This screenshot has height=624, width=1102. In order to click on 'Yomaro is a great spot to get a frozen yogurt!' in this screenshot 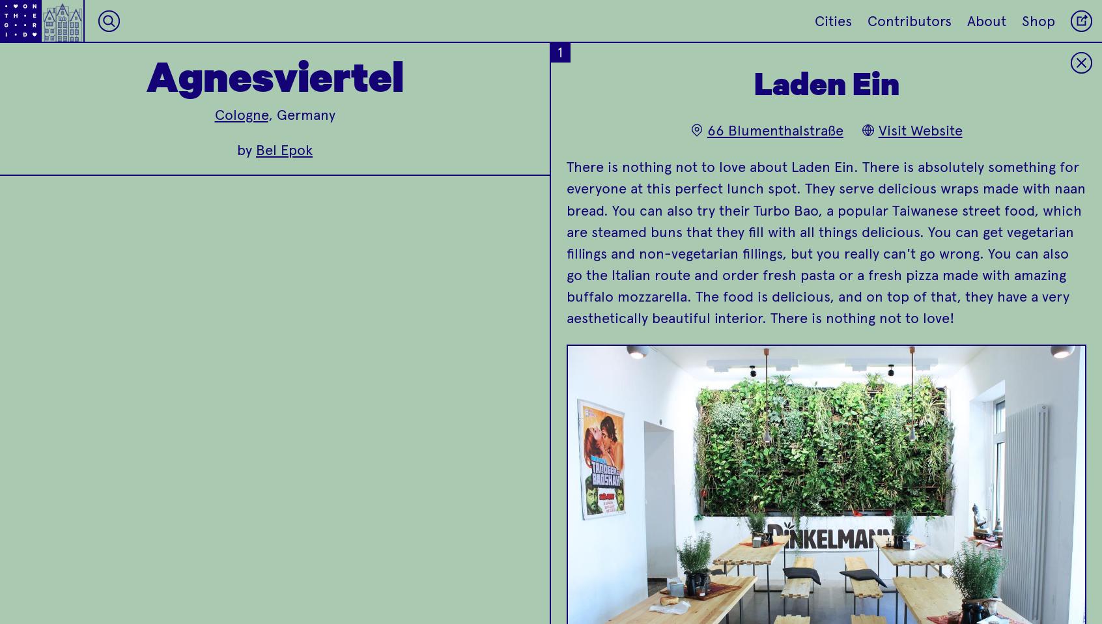, I will do `click(1004, 509)`.